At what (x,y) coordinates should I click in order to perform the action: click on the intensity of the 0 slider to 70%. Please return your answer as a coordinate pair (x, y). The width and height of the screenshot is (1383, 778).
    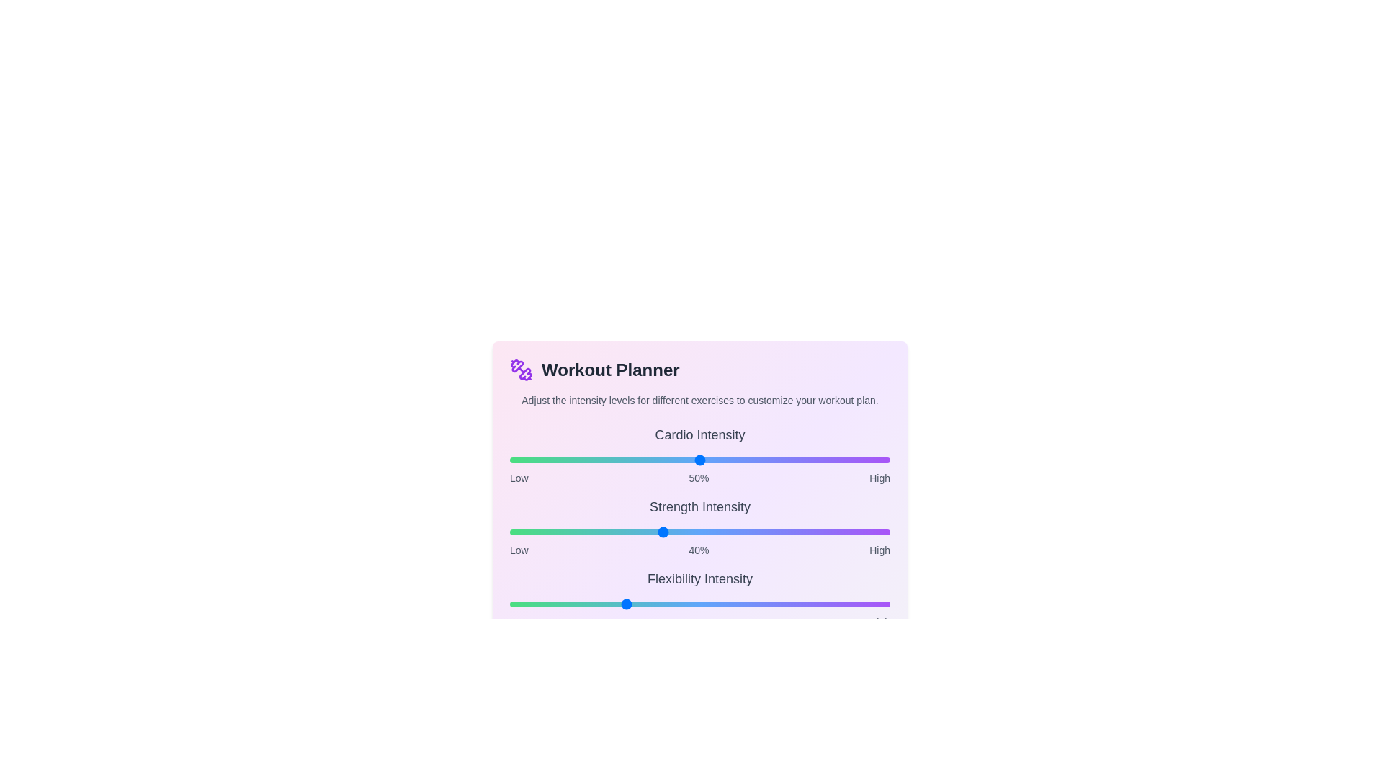
    Looking at the image, I should click on (775, 460).